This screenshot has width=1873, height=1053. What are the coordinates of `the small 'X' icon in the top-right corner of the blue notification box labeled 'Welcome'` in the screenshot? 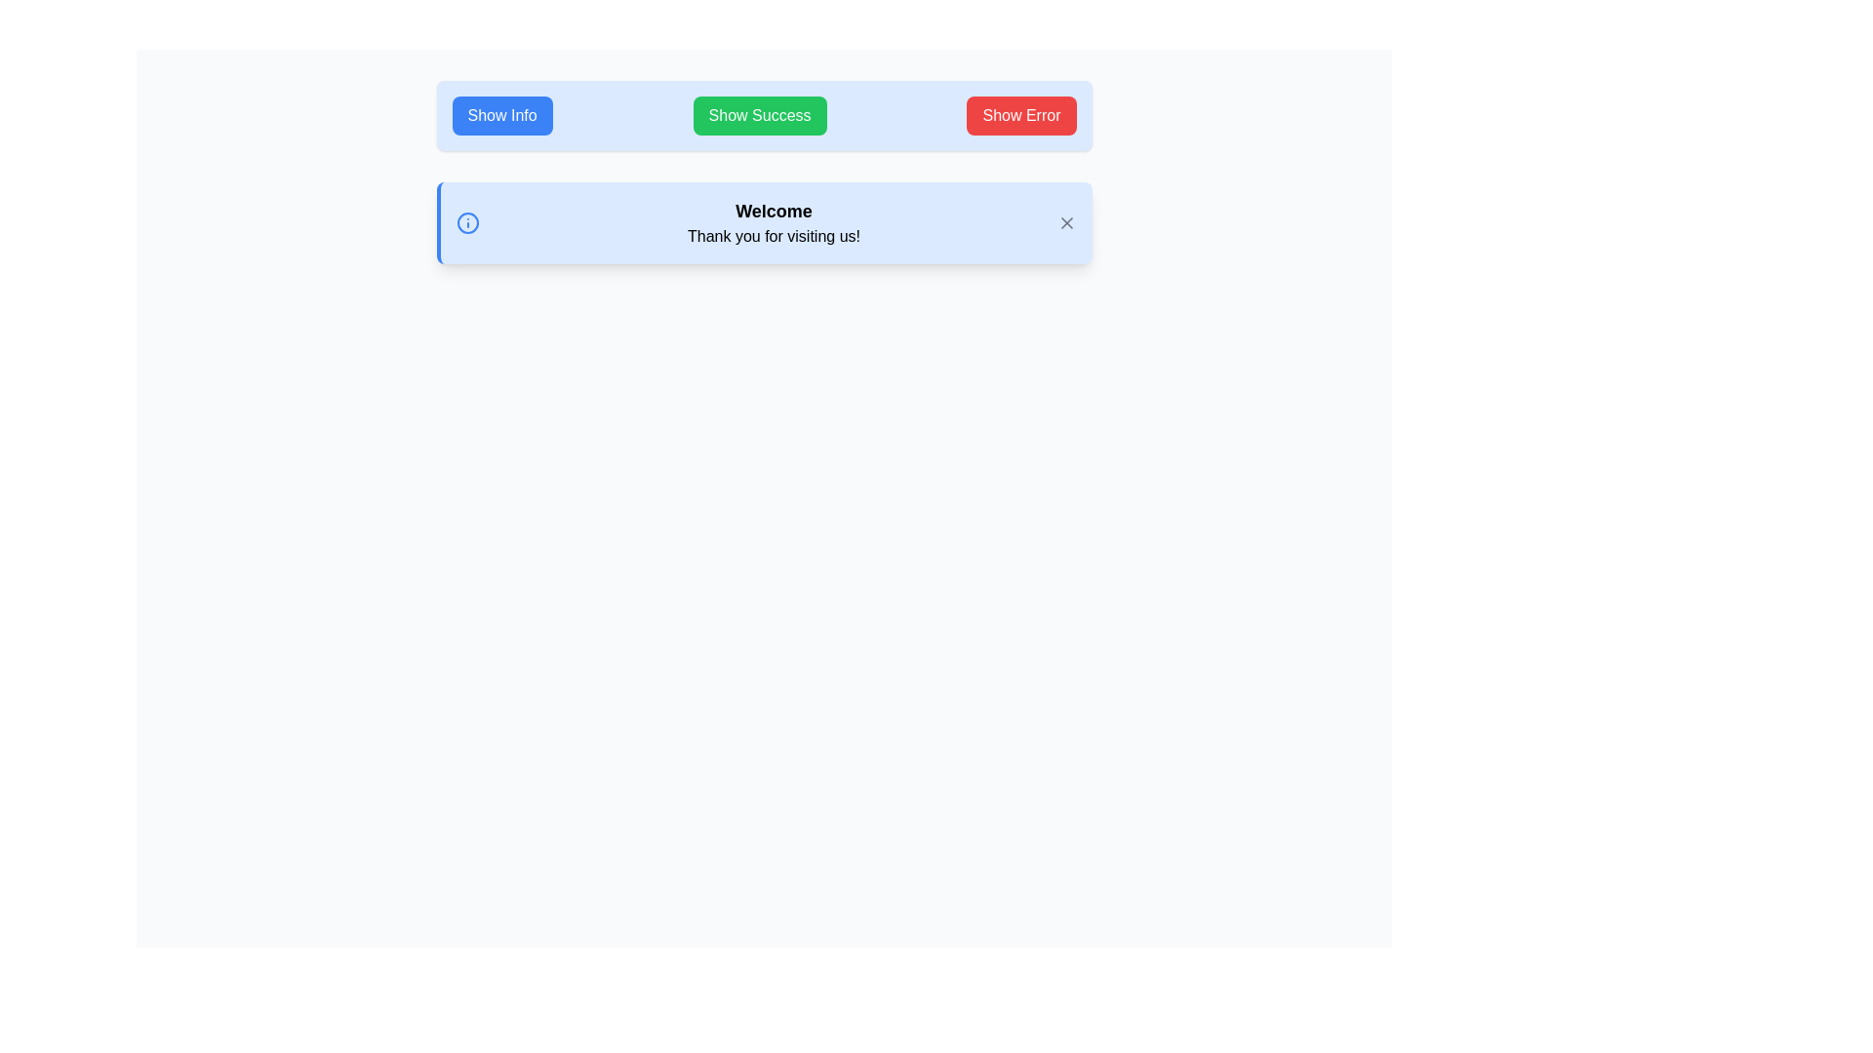 It's located at (1065, 221).